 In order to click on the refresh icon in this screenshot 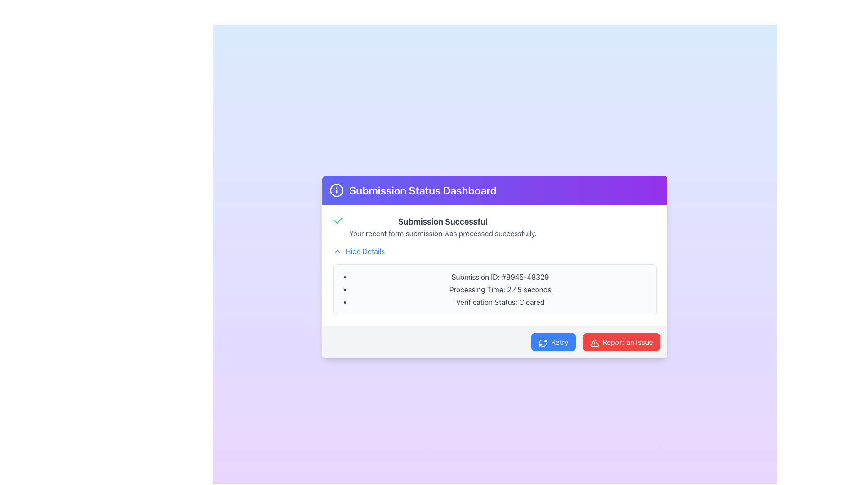, I will do `click(543, 343)`.